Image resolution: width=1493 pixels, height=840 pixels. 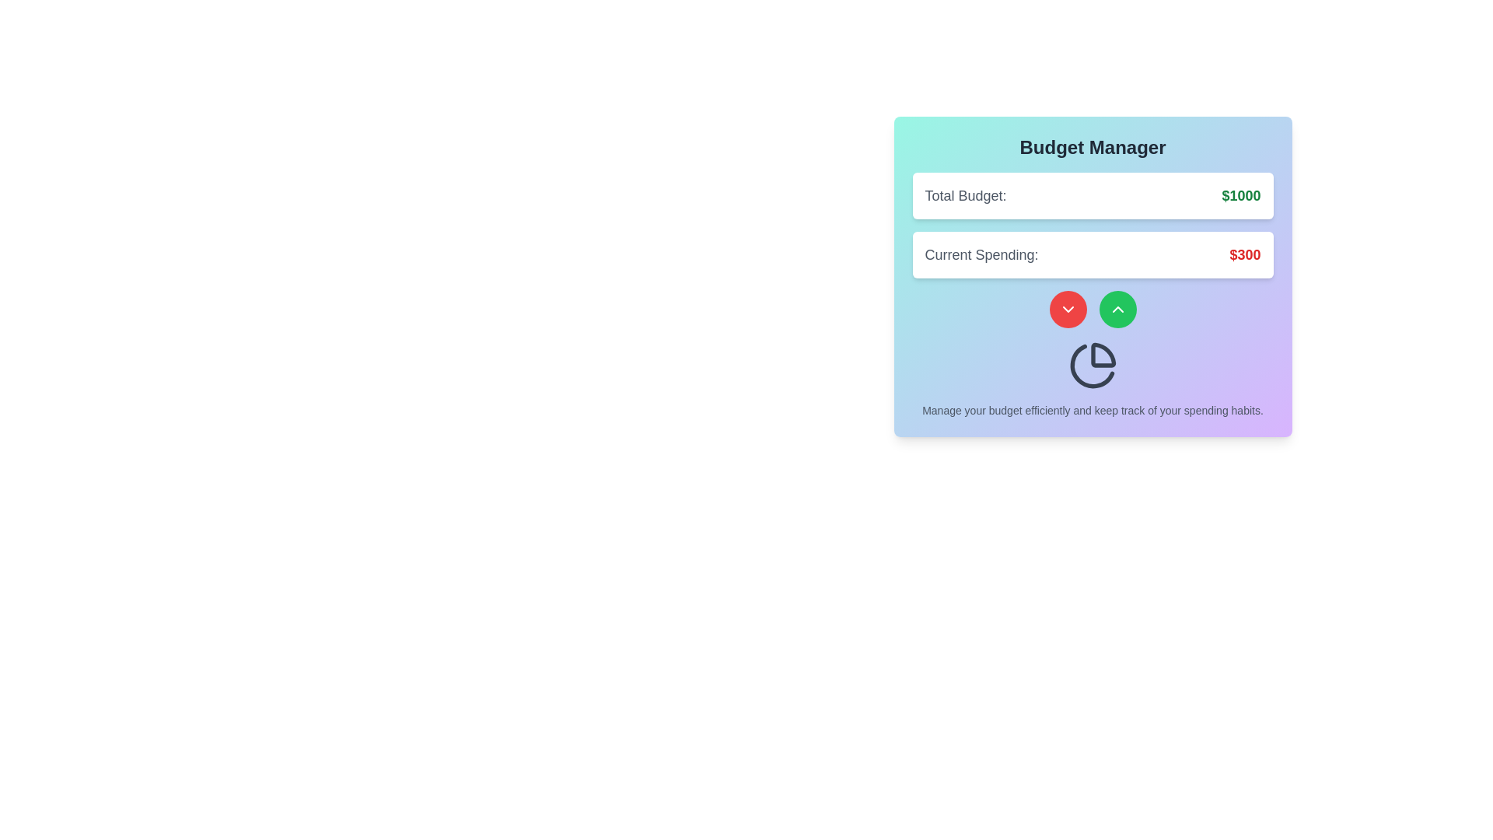 I want to click on the Text Label that serves as the title or header for the section, providing clear identification of the context or functionality of surrounding elements, so click(x=1092, y=147).